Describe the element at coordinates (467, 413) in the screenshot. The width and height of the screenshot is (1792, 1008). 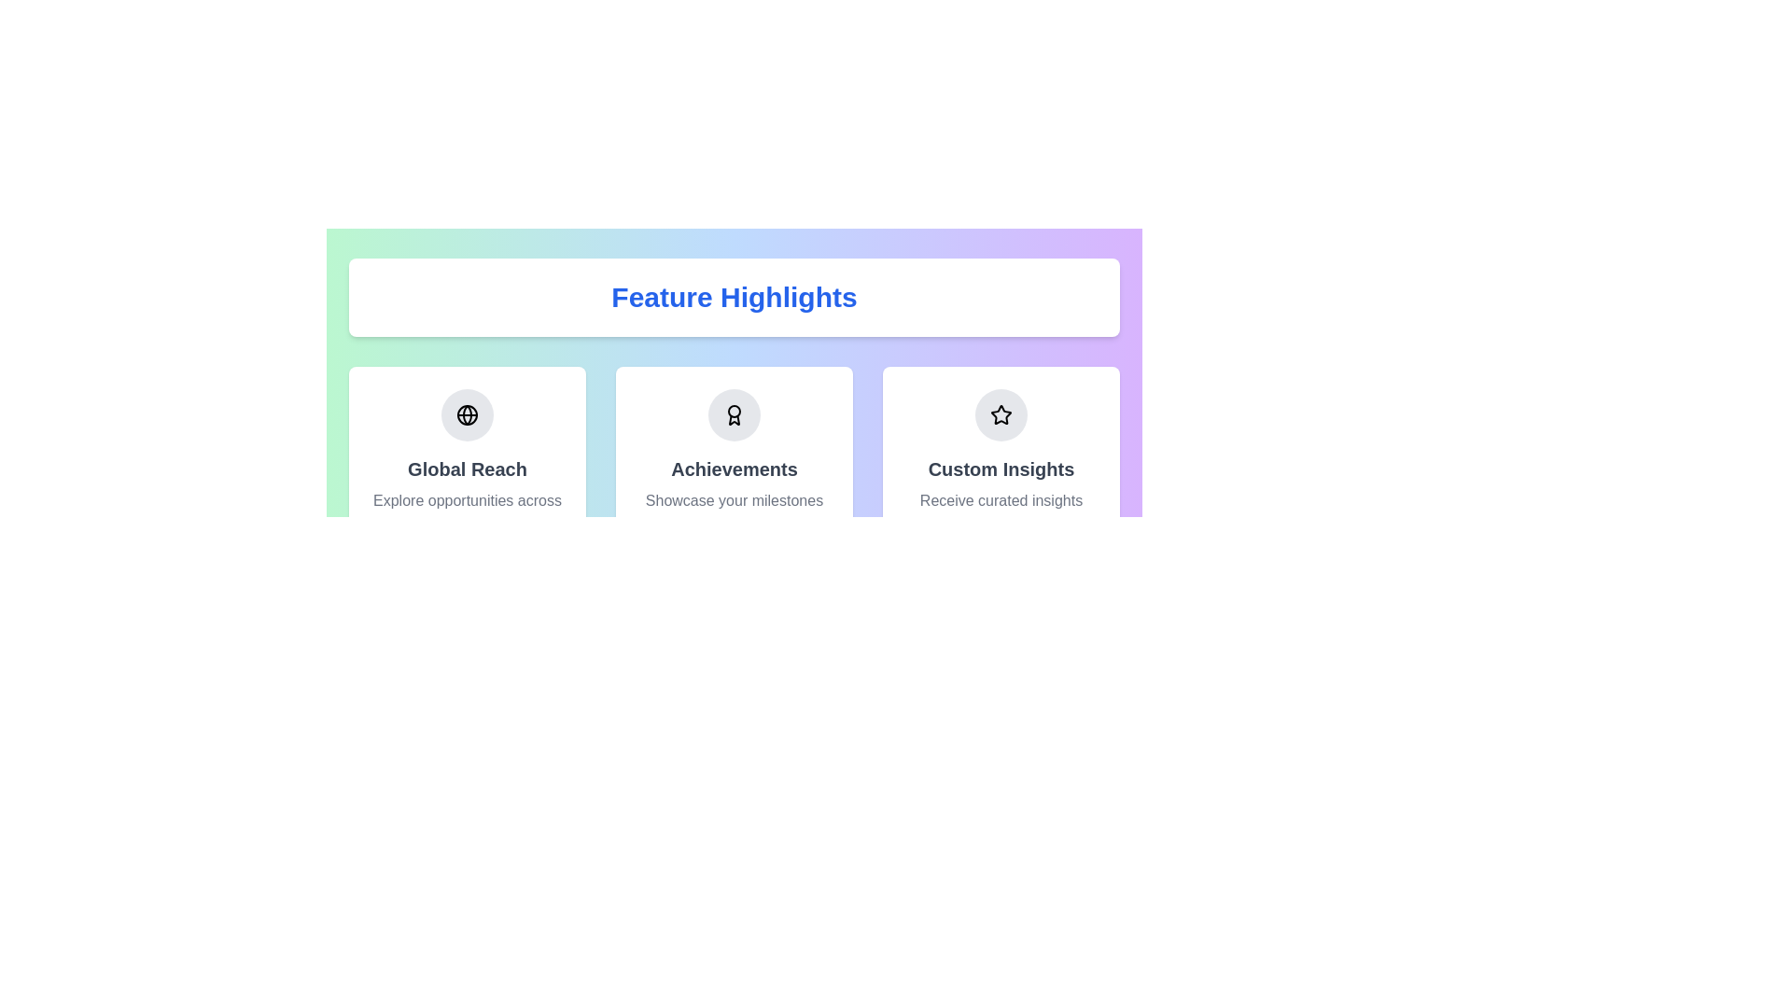
I see `the globe icon located in the leftmost card of the 'Feature Highlights' section, which is directly above the 'Global Reach' title` at that location.